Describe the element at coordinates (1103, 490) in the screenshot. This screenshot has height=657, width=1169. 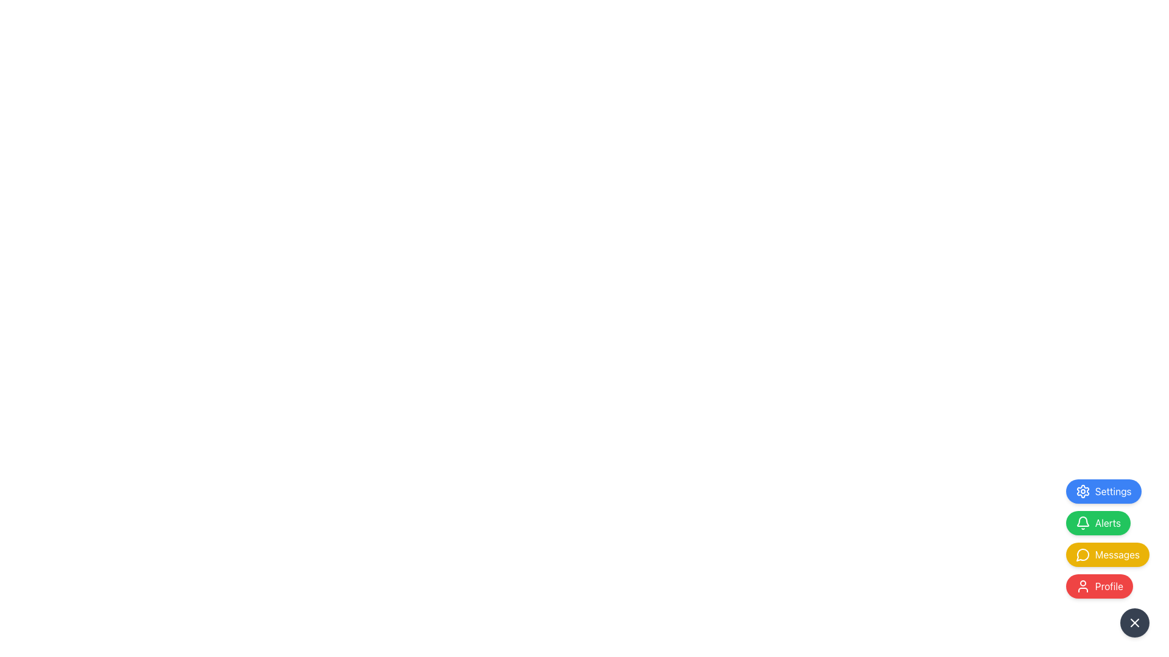
I see `the settings button located on the right side of the interface` at that location.